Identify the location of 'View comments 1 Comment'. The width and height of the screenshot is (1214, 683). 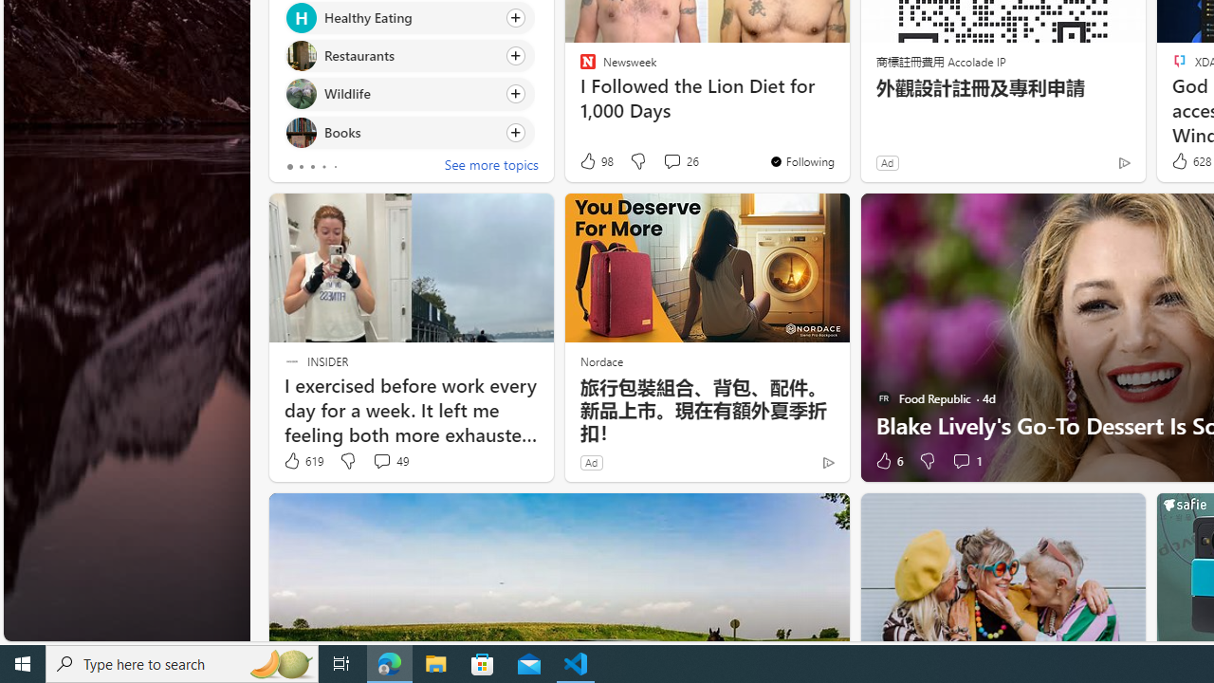
(961, 461).